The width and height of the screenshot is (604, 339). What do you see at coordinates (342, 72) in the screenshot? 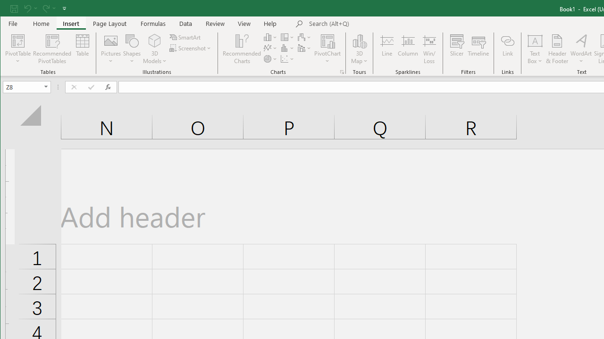
I see `'Recommended Charts'` at bounding box center [342, 72].